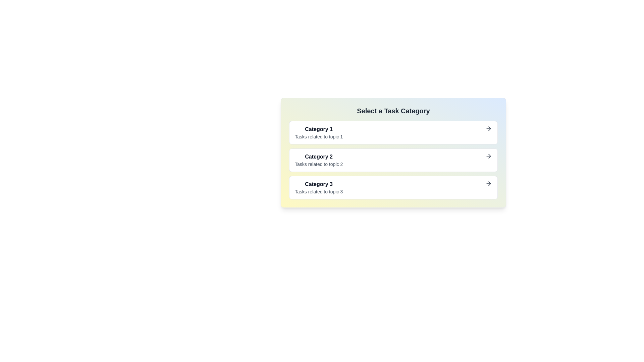  I want to click on the arrow icon located in the third row of the list on the rightmost side, so click(489, 156).